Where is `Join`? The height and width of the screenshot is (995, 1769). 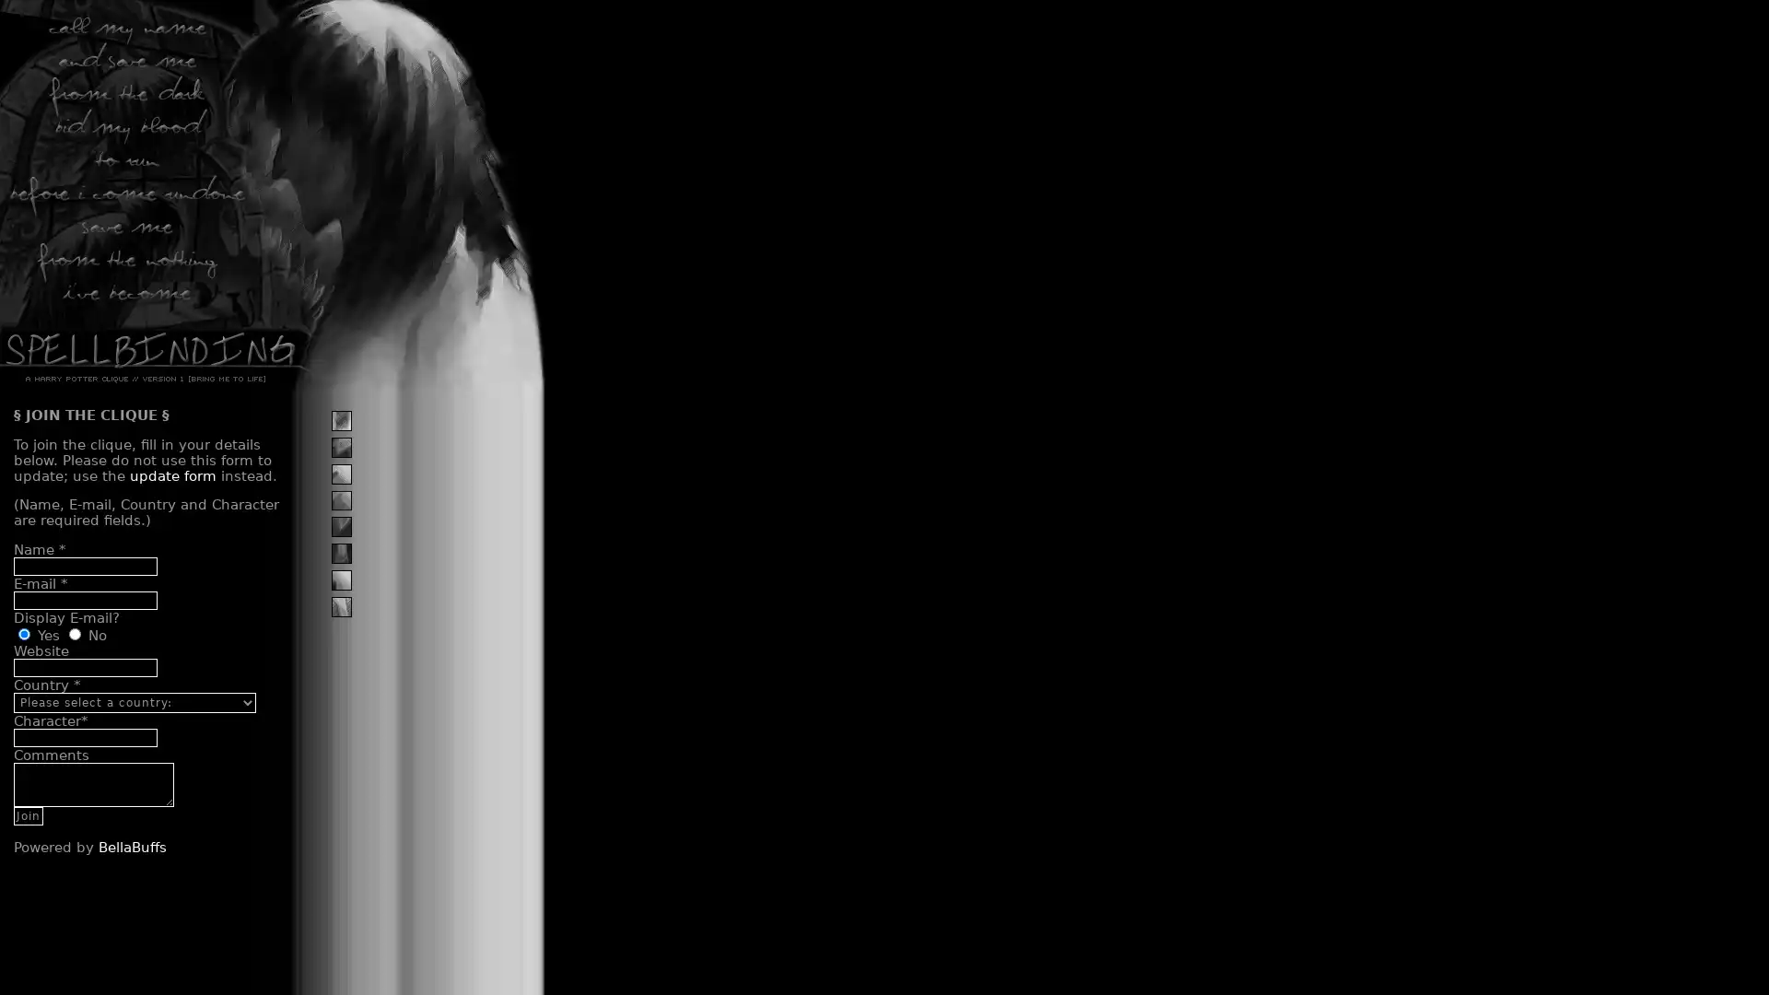 Join is located at coordinates (28, 814).